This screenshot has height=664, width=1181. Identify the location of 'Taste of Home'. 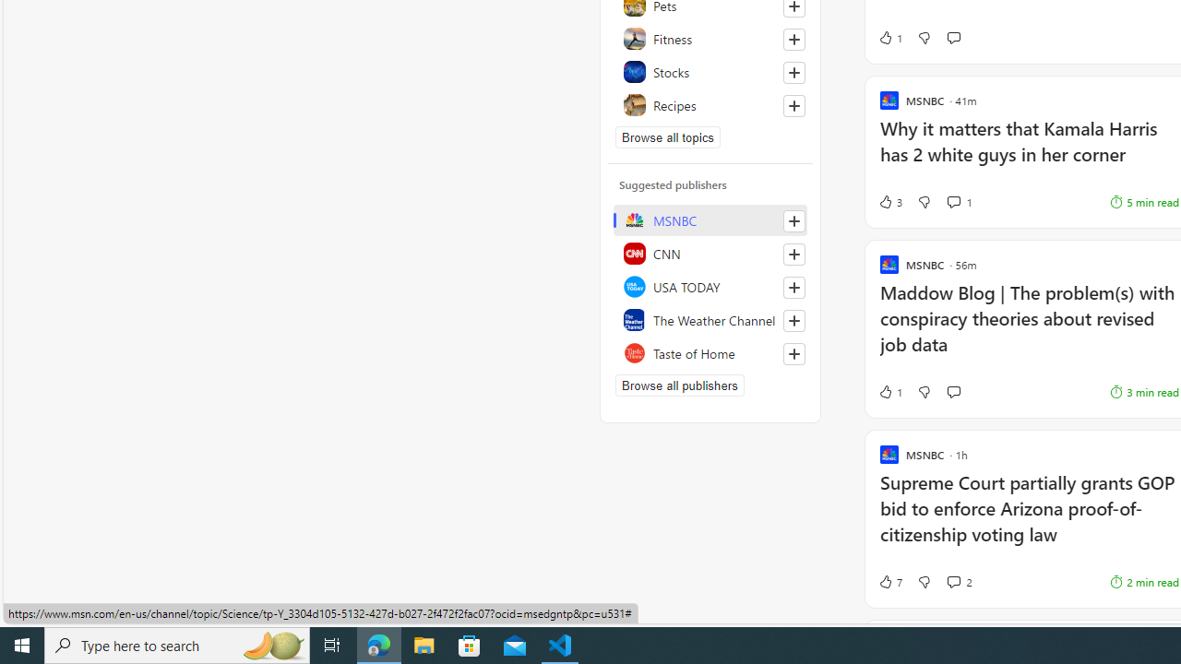
(710, 353).